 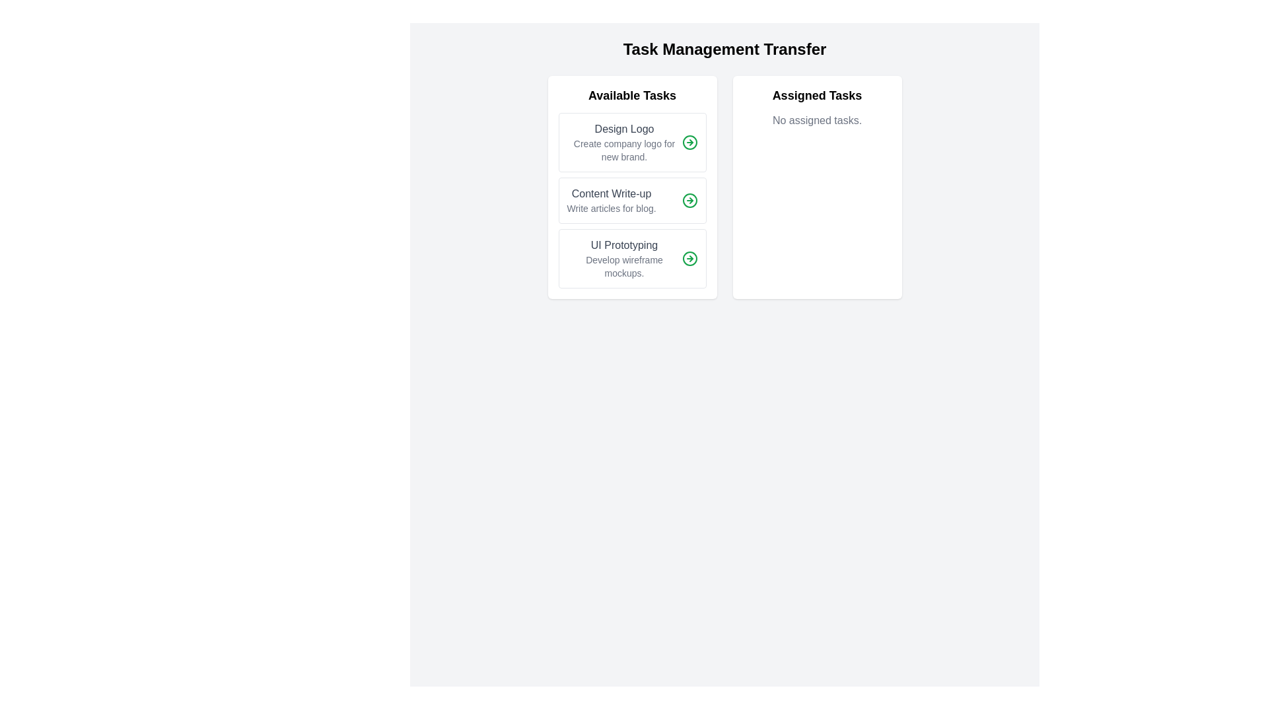 What do you see at coordinates (689, 259) in the screenshot?
I see `the SVG Circle component with a radius of 10 units, styled with a stroke and positioned in the bottom-most task card of the 'Available Tasks' section for the 'UI Prototyping' task` at bounding box center [689, 259].